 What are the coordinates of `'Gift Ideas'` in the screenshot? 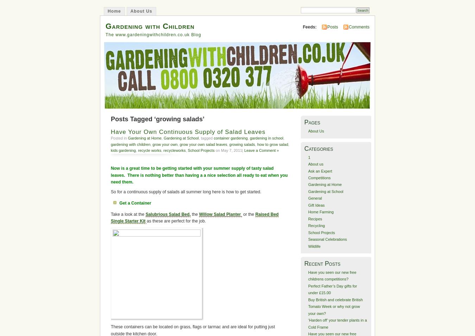 It's located at (316, 204).